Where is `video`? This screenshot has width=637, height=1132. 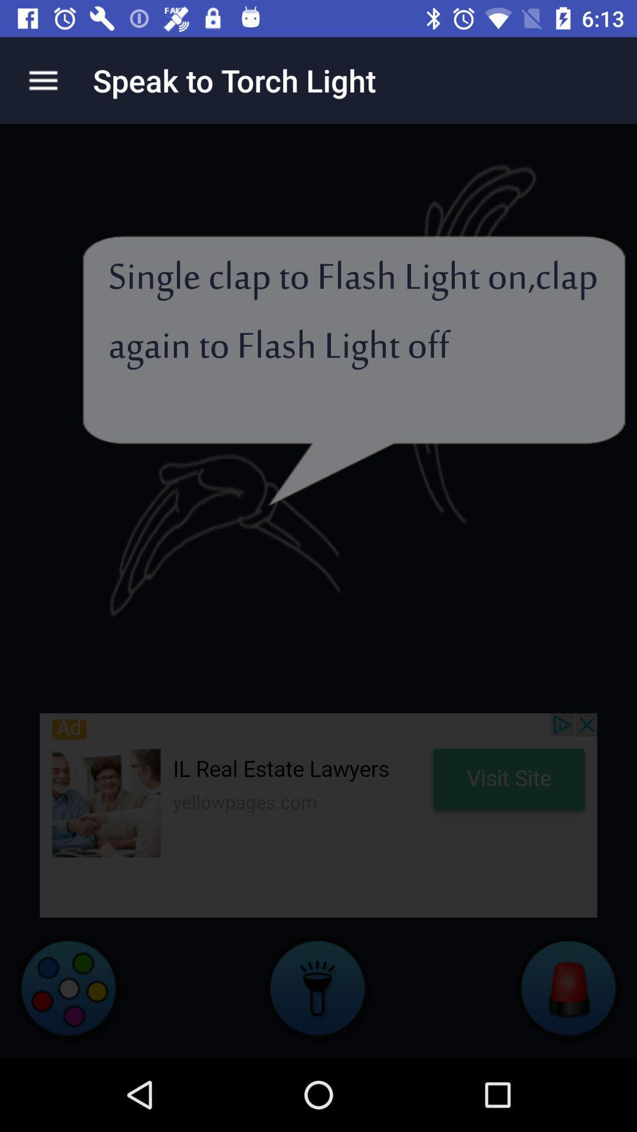 video is located at coordinates (68, 988).